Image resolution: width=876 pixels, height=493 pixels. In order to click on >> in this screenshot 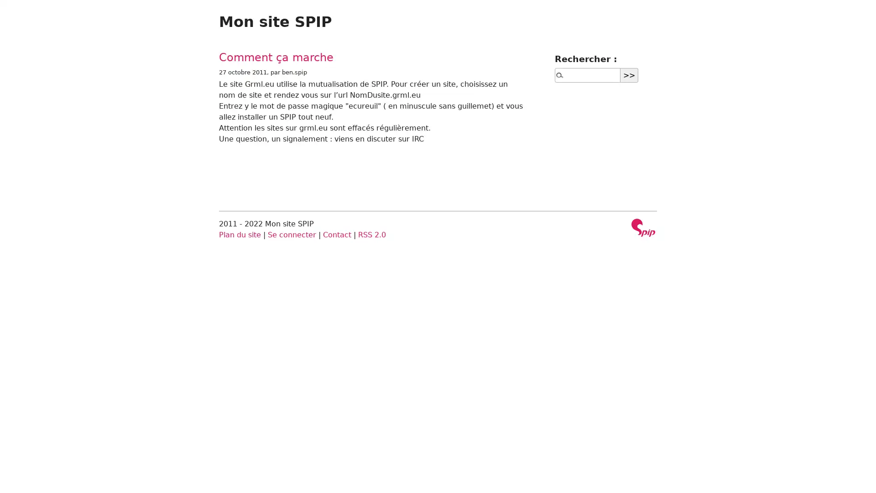, I will do `click(629, 74)`.